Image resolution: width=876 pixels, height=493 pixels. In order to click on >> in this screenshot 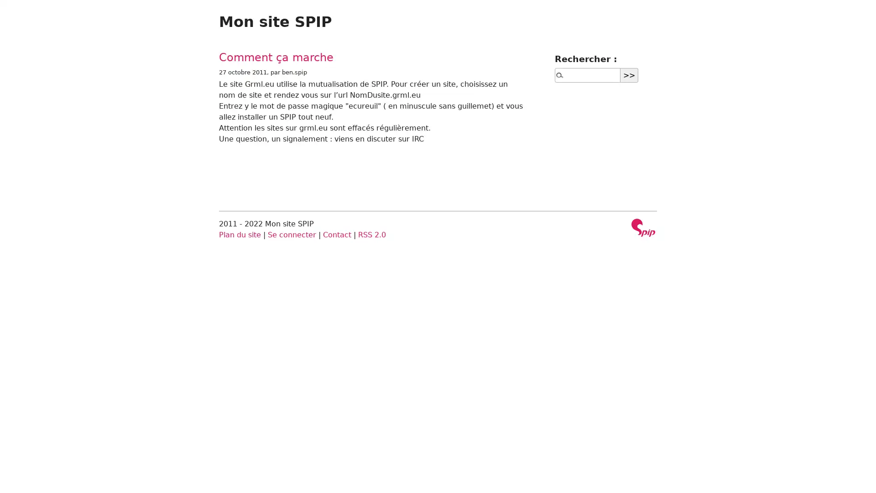, I will do `click(629, 74)`.